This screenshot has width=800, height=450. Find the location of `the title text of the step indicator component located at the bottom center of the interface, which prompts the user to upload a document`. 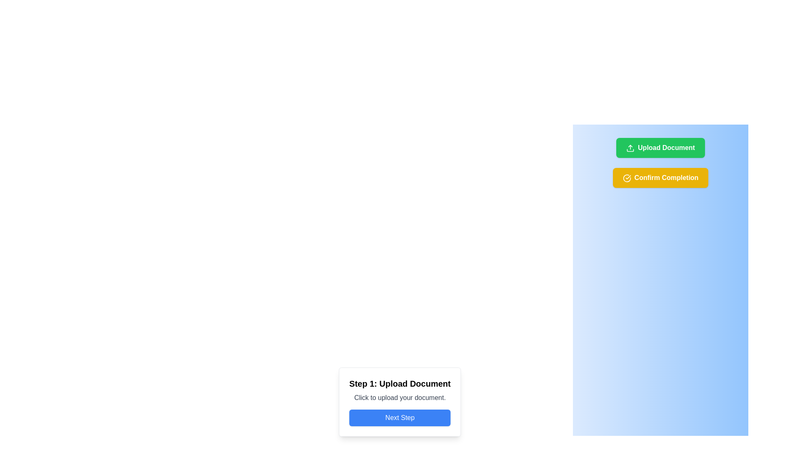

the title text of the step indicator component located at the bottom center of the interface, which prompts the user to upload a document is located at coordinates (400, 401).